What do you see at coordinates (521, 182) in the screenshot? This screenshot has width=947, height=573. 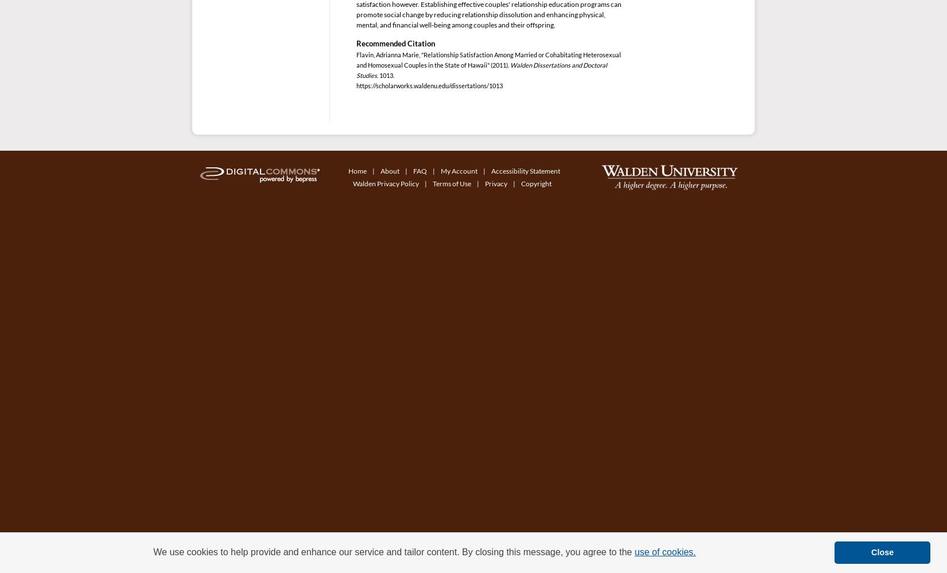 I see `'Copyright'` at bounding box center [521, 182].